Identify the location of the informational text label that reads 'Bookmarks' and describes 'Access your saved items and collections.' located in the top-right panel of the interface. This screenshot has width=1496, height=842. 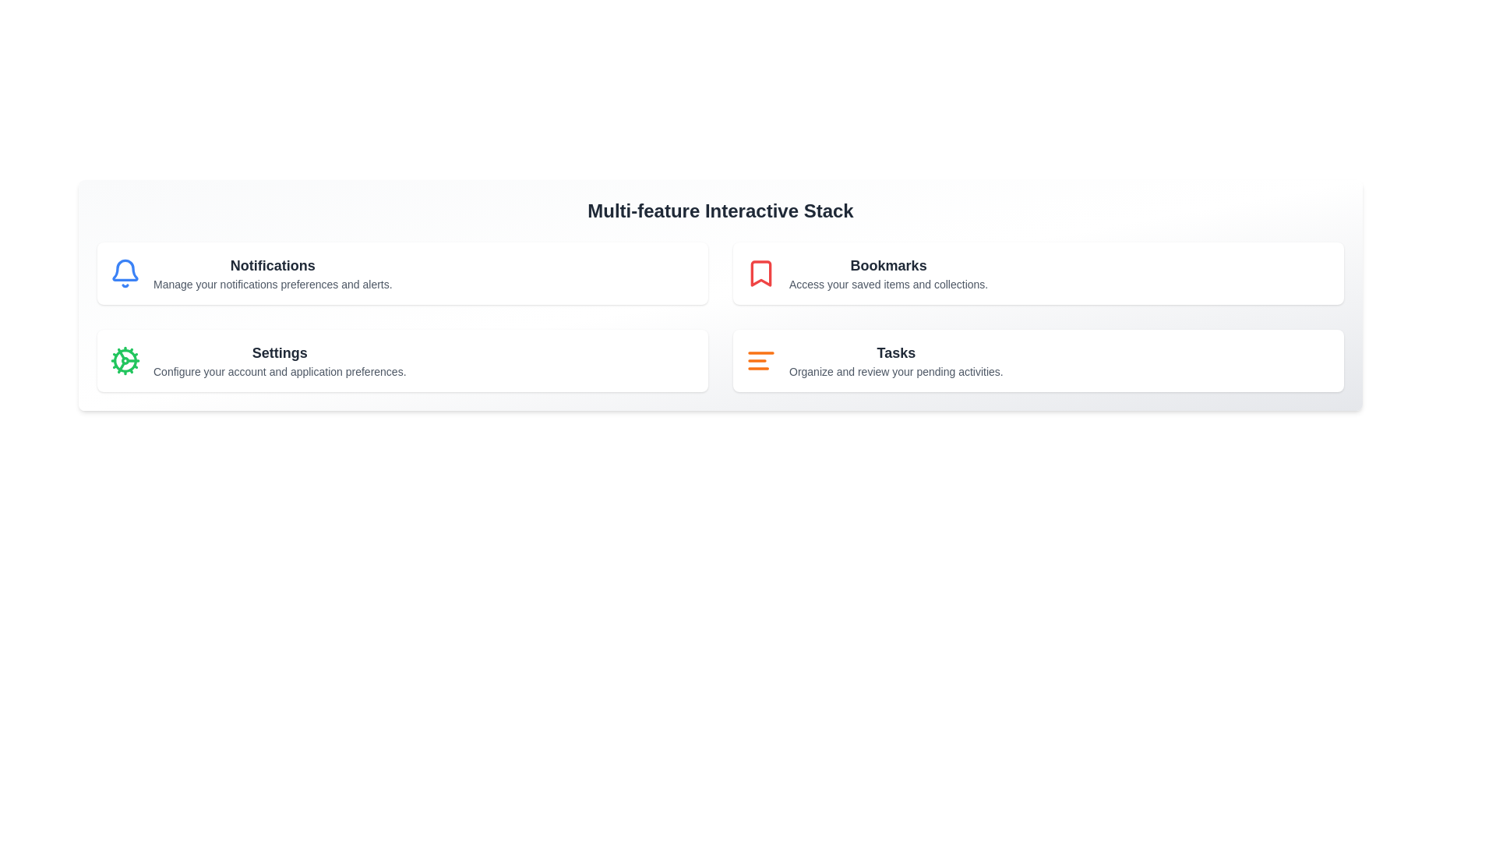
(888, 273).